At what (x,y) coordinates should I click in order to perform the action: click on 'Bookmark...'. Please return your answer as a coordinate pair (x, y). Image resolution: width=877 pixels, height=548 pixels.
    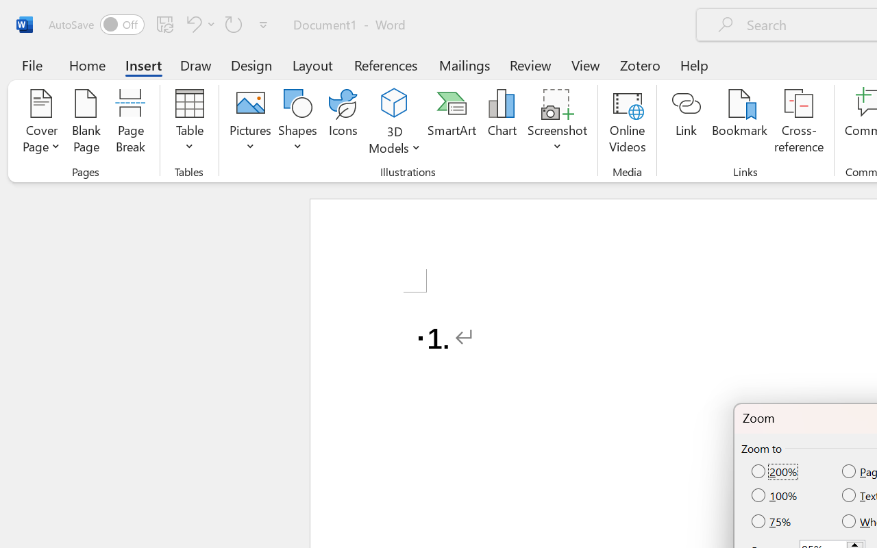
    Looking at the image, I should click on (739, 123).